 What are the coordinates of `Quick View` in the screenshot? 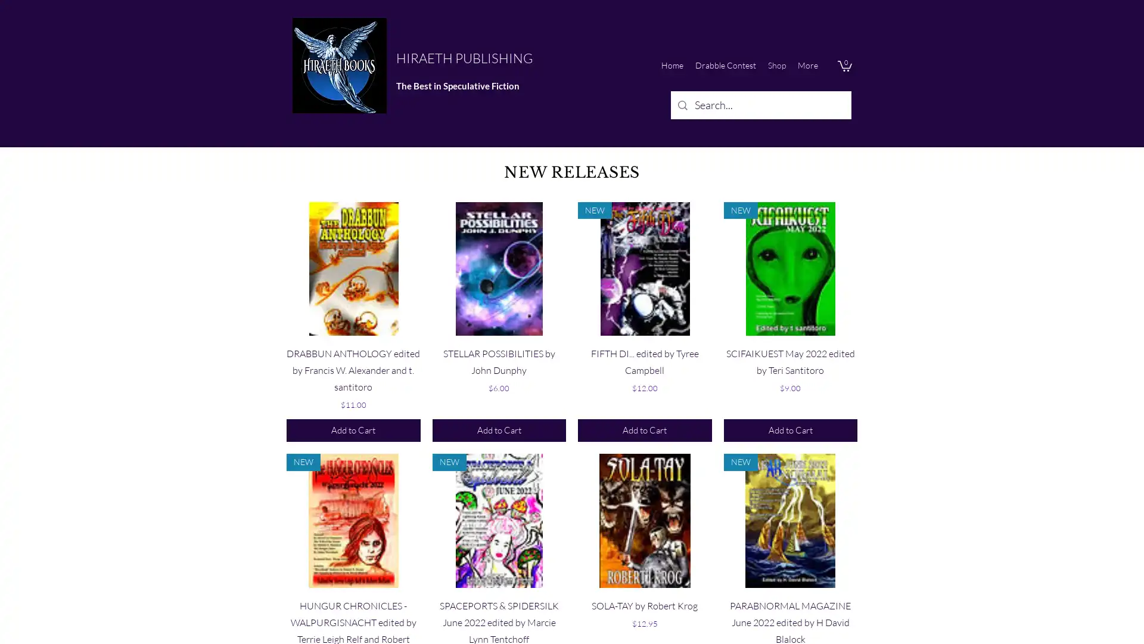 It's located at (643, 349).